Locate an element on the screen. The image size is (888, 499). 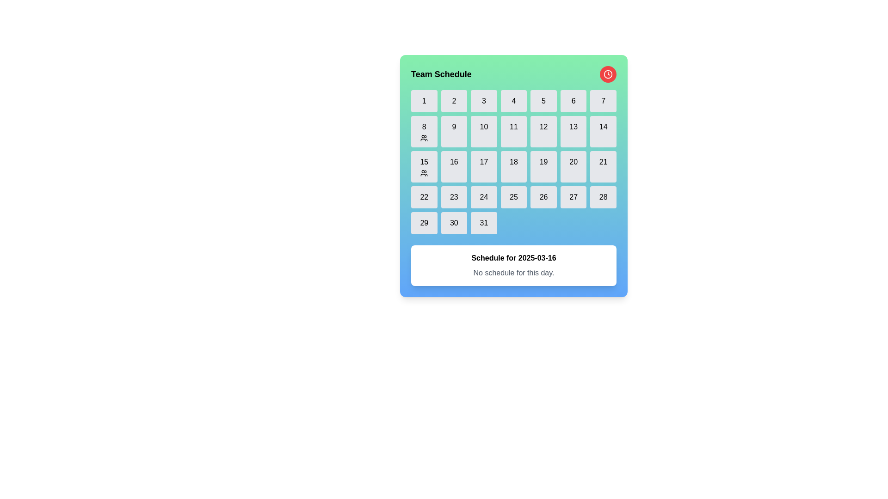
the text representing day 6 in the calendar interface is located at coordinates (573, 101).